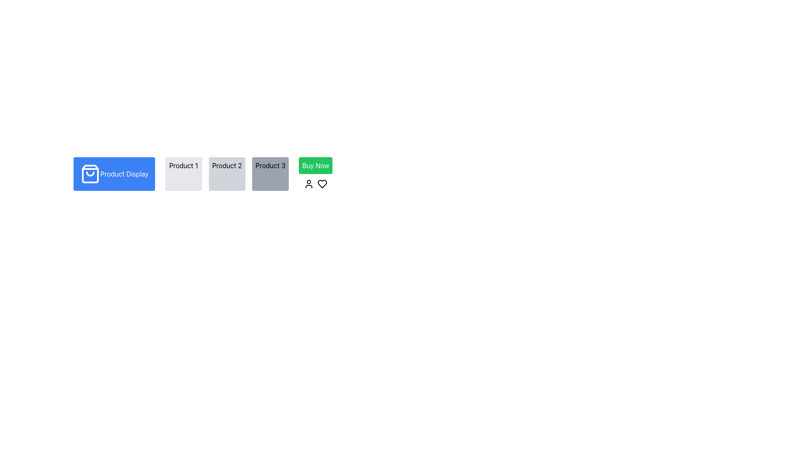  What do you see at coordinates (315, 165) in the screenshot?
I see `the purchase initiation button located on the right side of the interface, adjacent to the grey box labeled 'Product 3'` at bounding box center [315, 165].